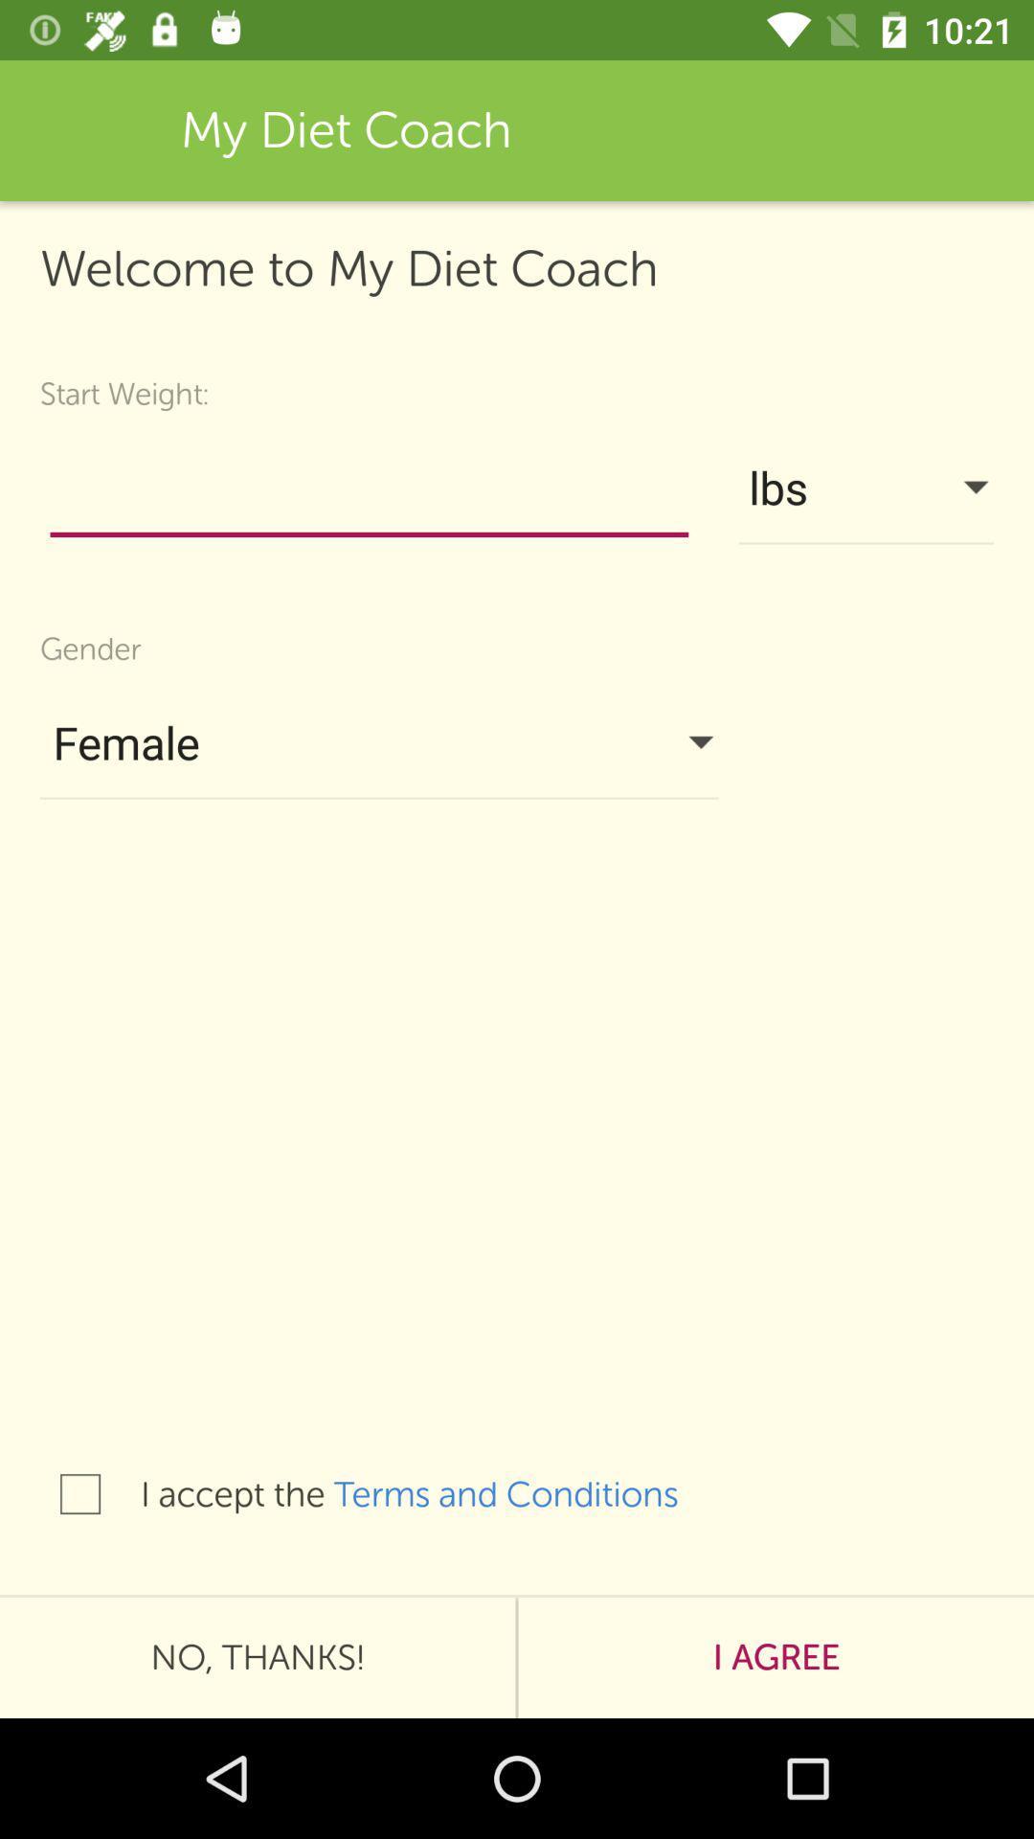  What do you see at coordinates (369, 492) in the screenshot?
I see `the icon to the left of the lbs item` at bounding box center [369, 492].